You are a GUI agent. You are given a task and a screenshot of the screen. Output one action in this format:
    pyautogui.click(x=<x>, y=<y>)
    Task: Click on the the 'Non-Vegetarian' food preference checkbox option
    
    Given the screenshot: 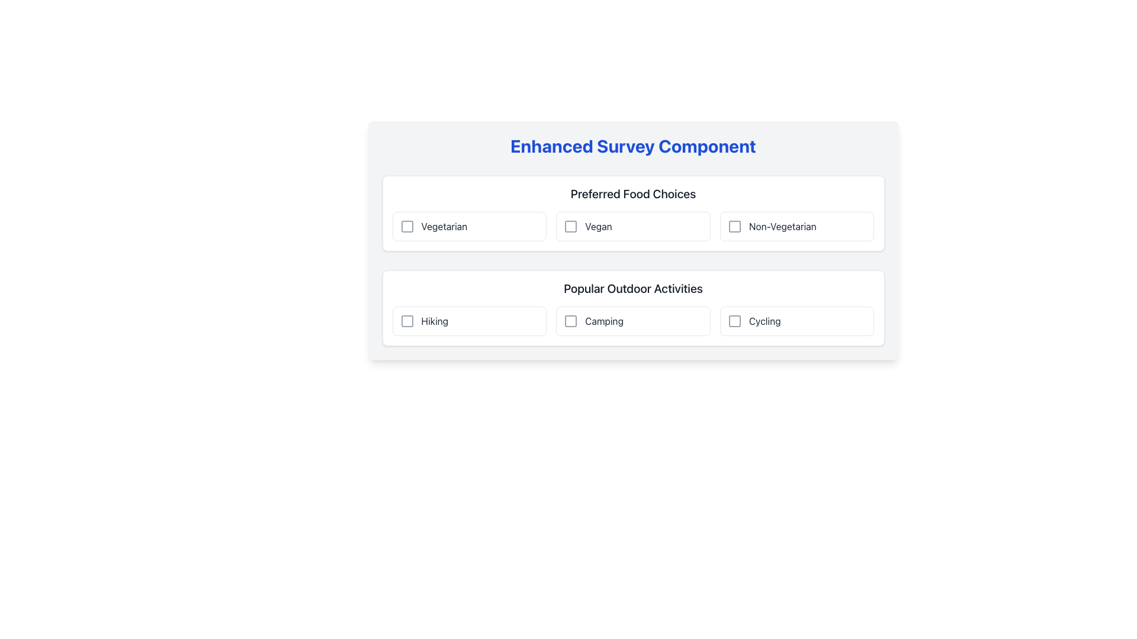 What is the action you would take?
    pyautogui.click(x=797, y=226)
    